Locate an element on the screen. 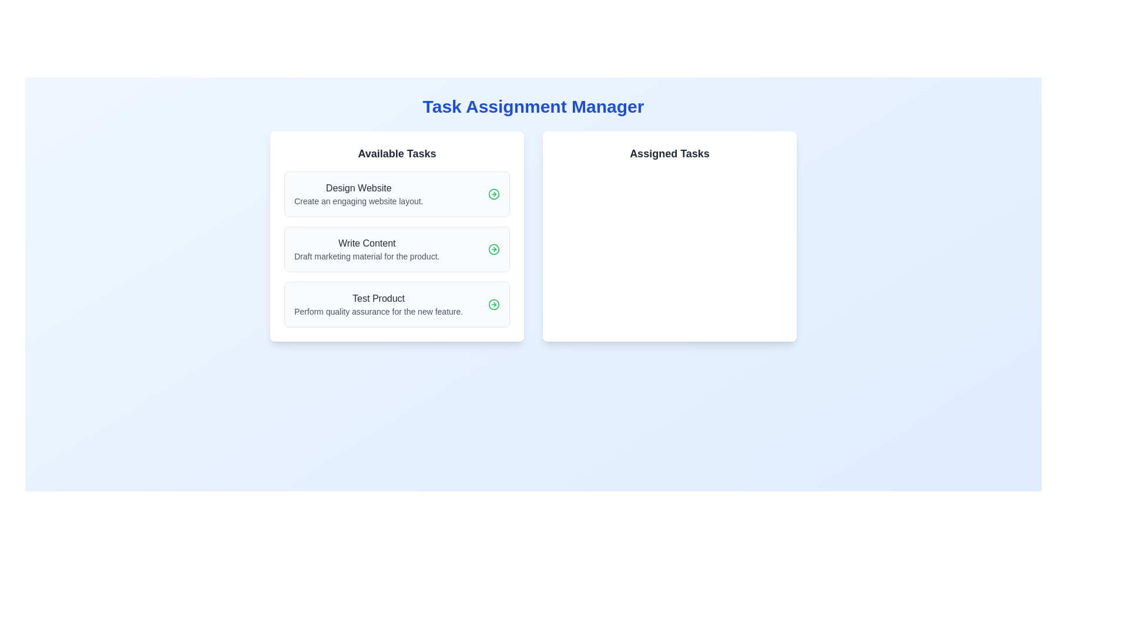 The height and width of the screenshot is (634, 1128). the static text label reading 'Write Content', which is the title of the second task in the 'Available Tasks' list, located beneath 'Design Website' and above 'Test Product' is located at coordinates (366, 243).